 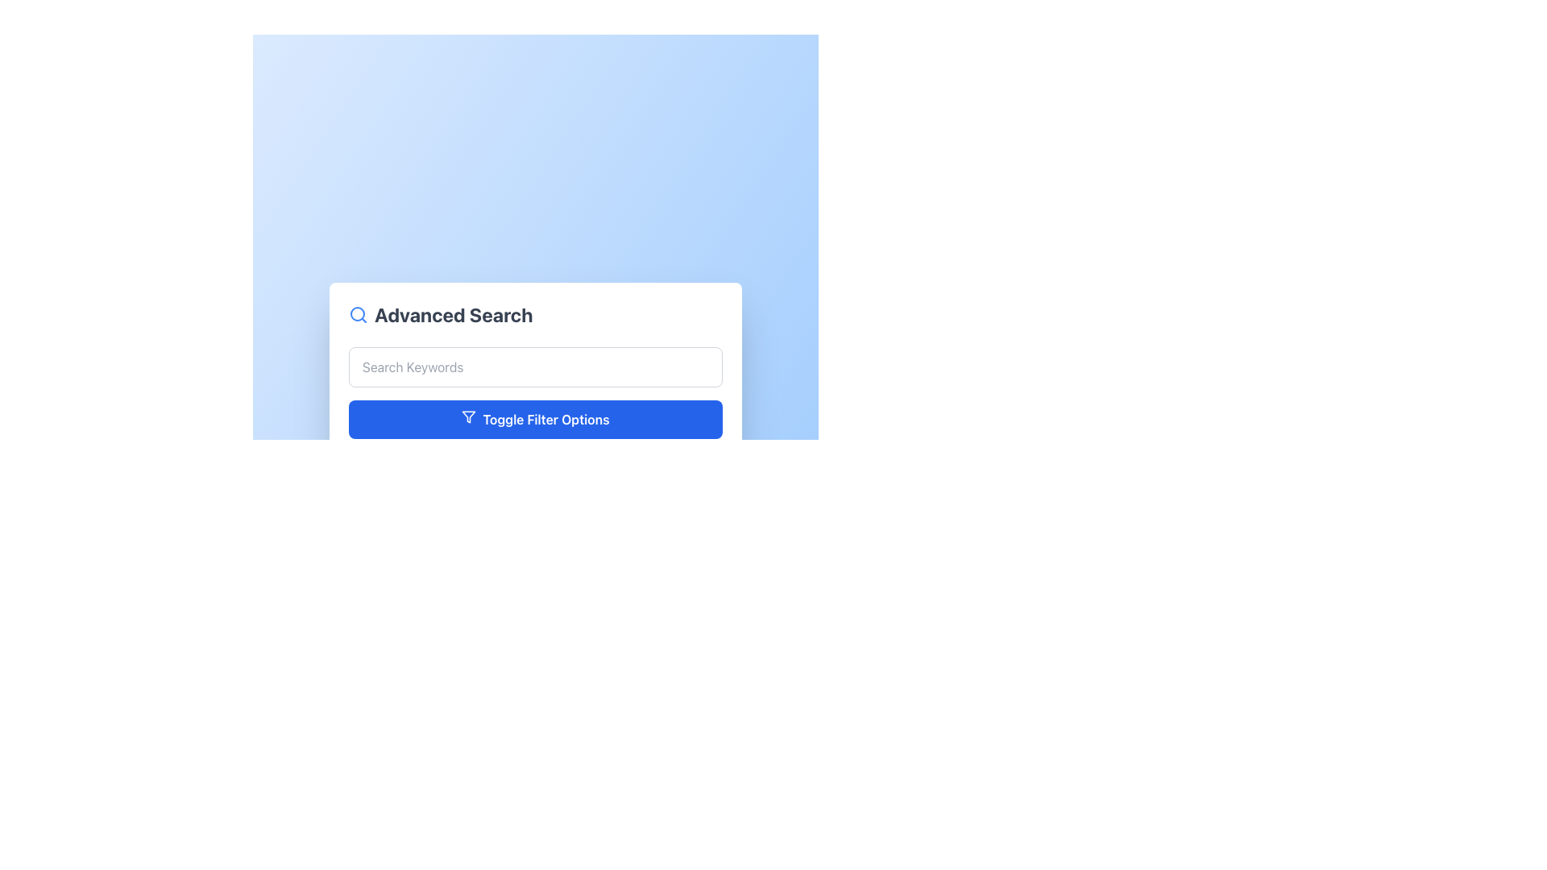 What do you see at coordinates (358, 314) in the screenshot?
I see `the search functionality indicator icon located at the far left of the 'Advanced Search' heading in the header block` at bounding box center [358, 314].